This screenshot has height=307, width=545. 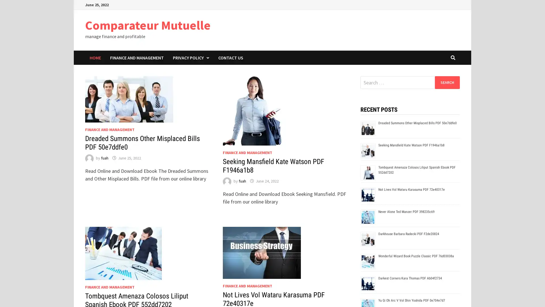 What do you see at coordinates (447, 82) in the screenshot?
I see `Search` at bounding box center [447, 82].